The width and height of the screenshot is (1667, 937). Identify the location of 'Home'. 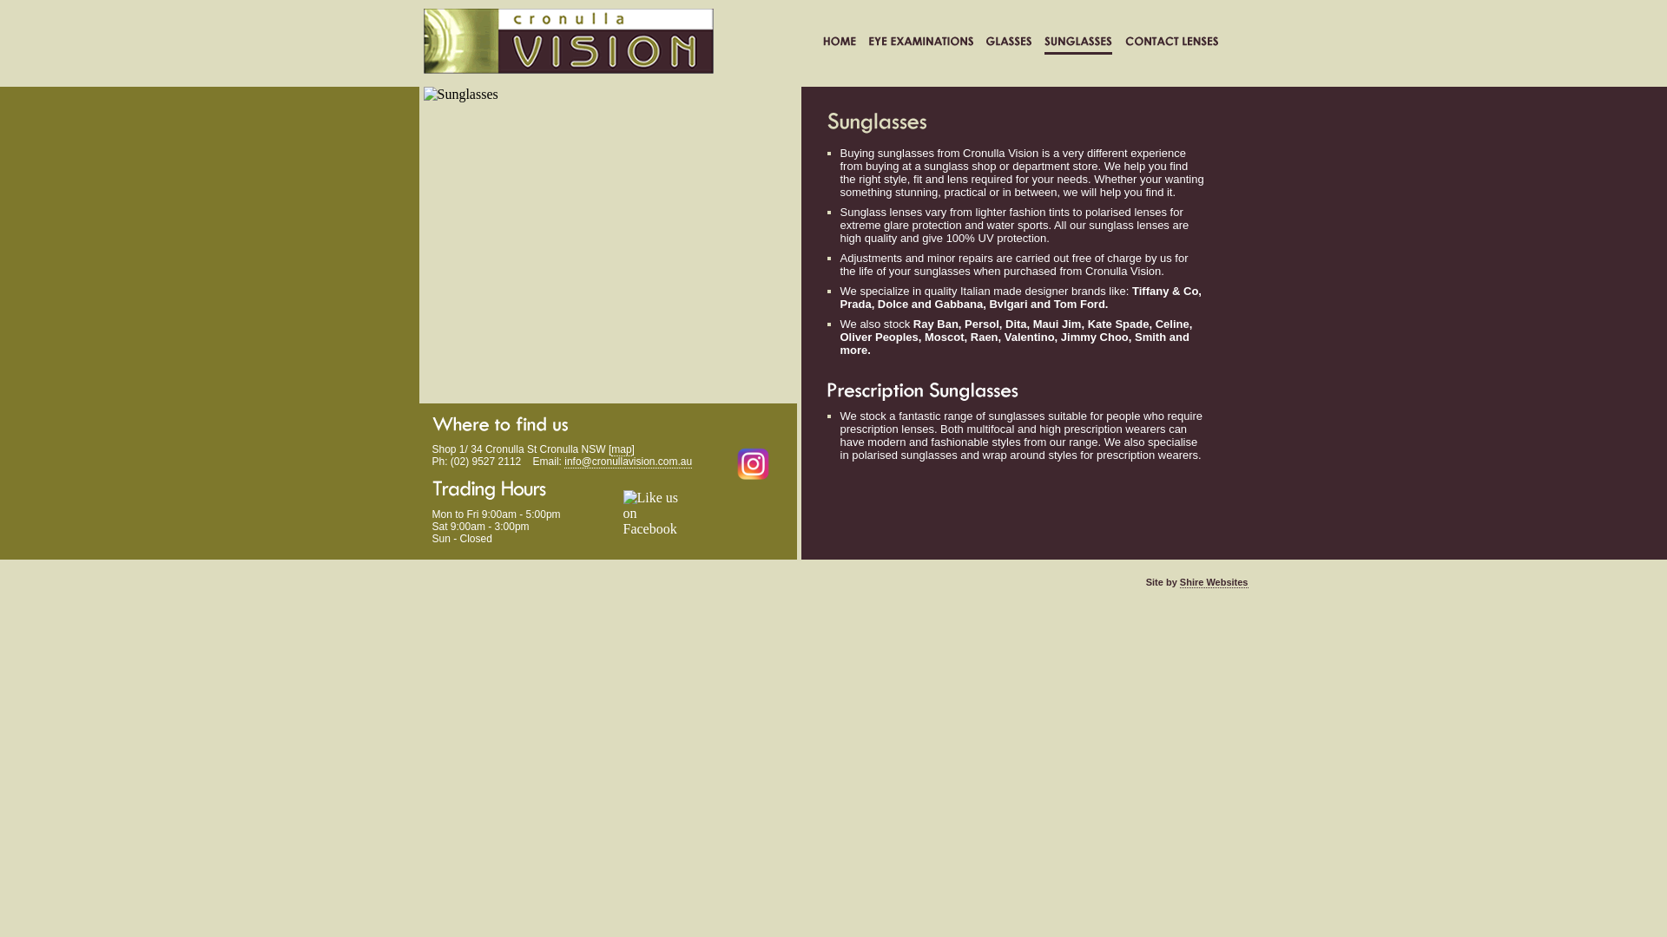
(822, 43).